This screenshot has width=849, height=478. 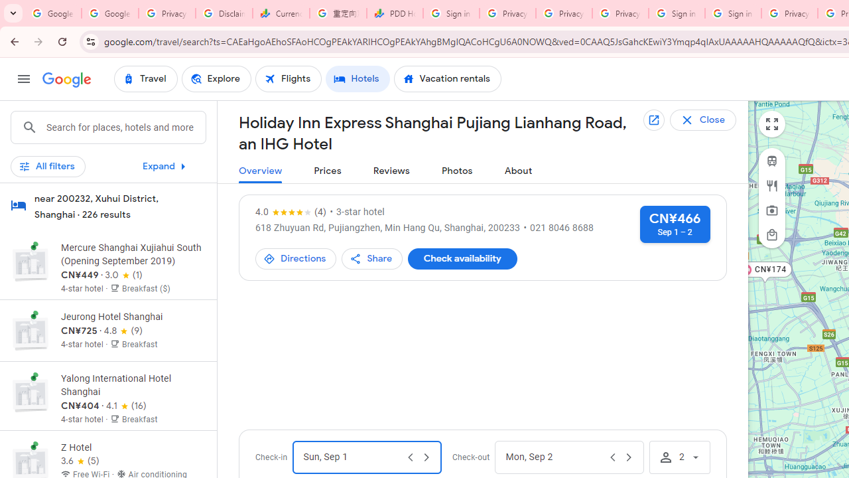 I want to click on 'Check availability', so click(x=462, y=258).